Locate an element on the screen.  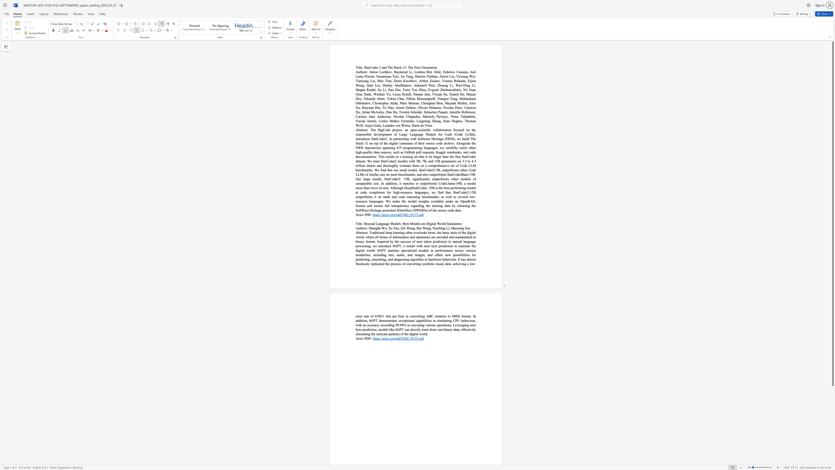
the 1th character "o" in the text is located at coordinates (370, 223).